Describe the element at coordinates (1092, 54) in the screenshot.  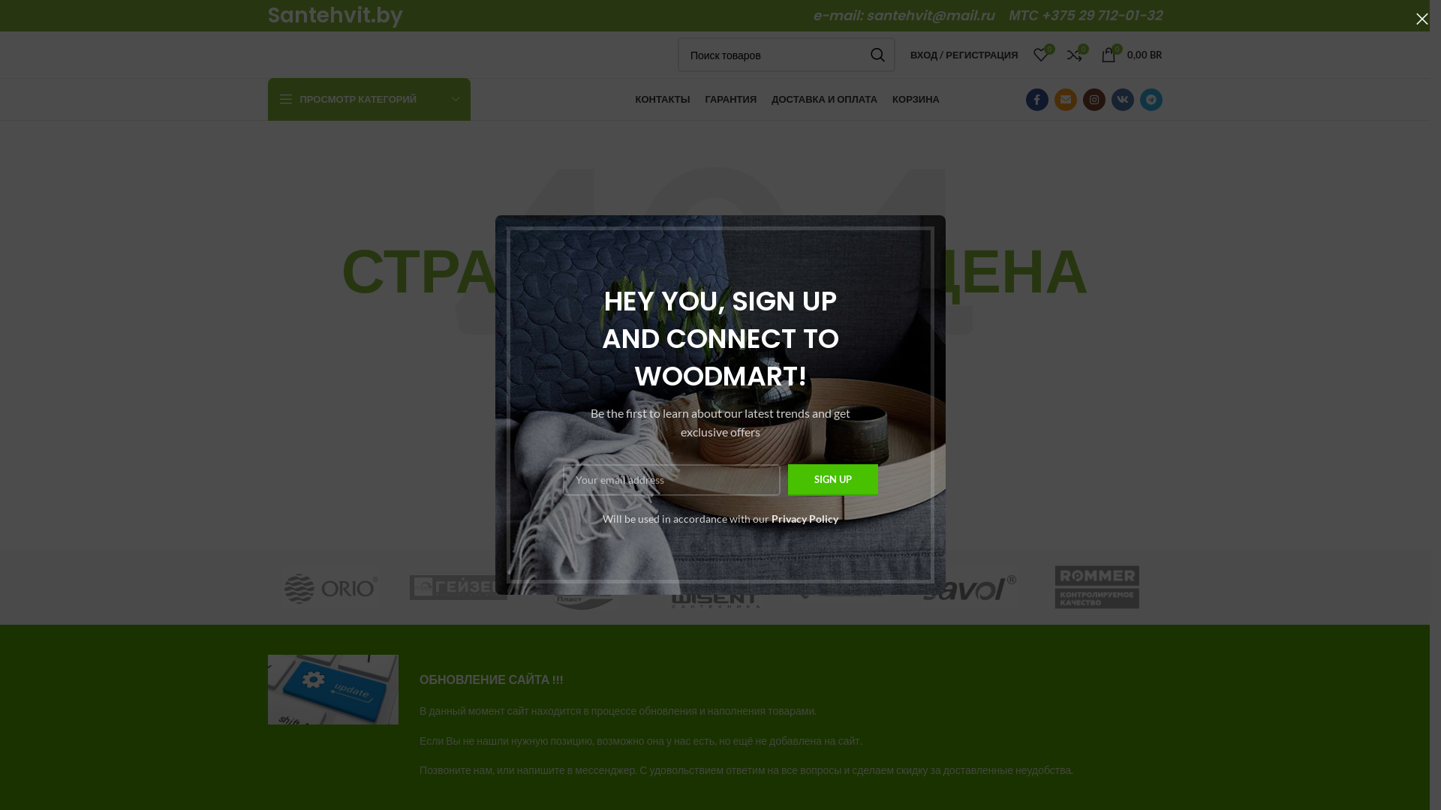
I see `'0` at that location.